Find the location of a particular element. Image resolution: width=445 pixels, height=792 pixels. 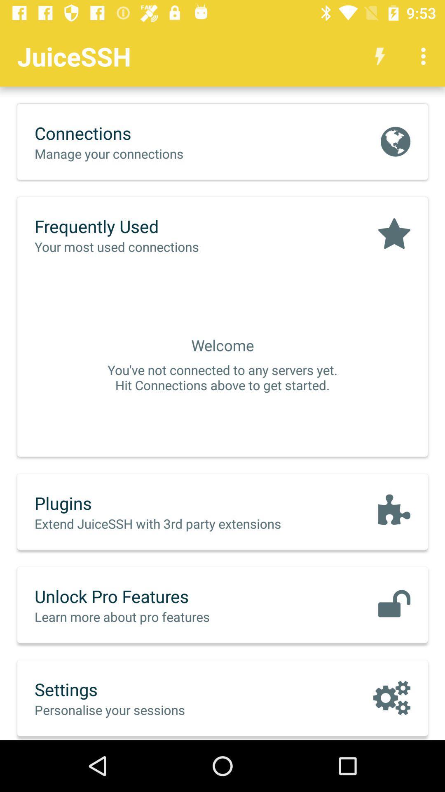

item to the right of frequently used item is located at coordinates (393, 234).